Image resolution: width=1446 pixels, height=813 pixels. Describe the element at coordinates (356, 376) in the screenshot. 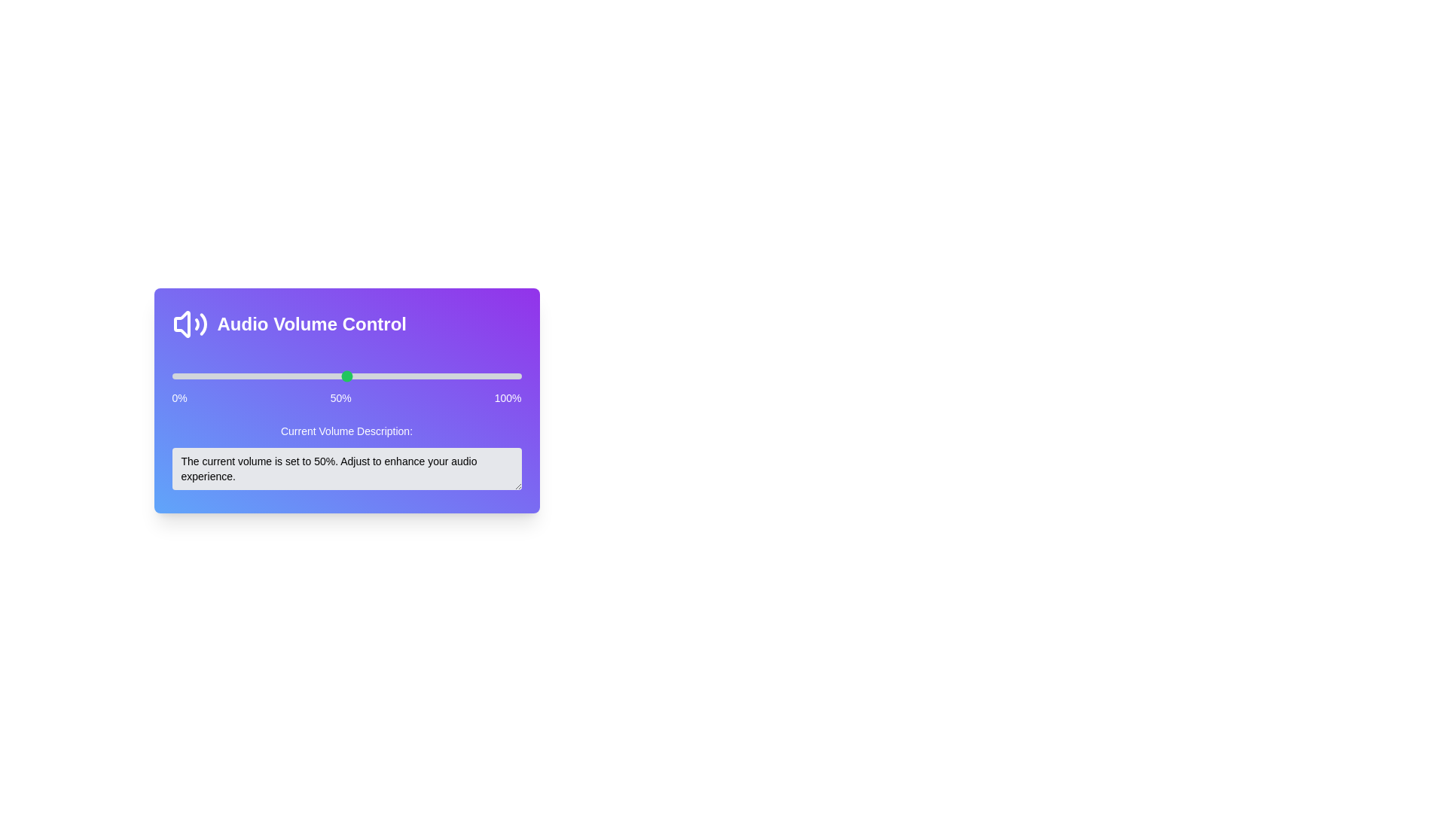

I see `the volume slider to 53%` at that location.